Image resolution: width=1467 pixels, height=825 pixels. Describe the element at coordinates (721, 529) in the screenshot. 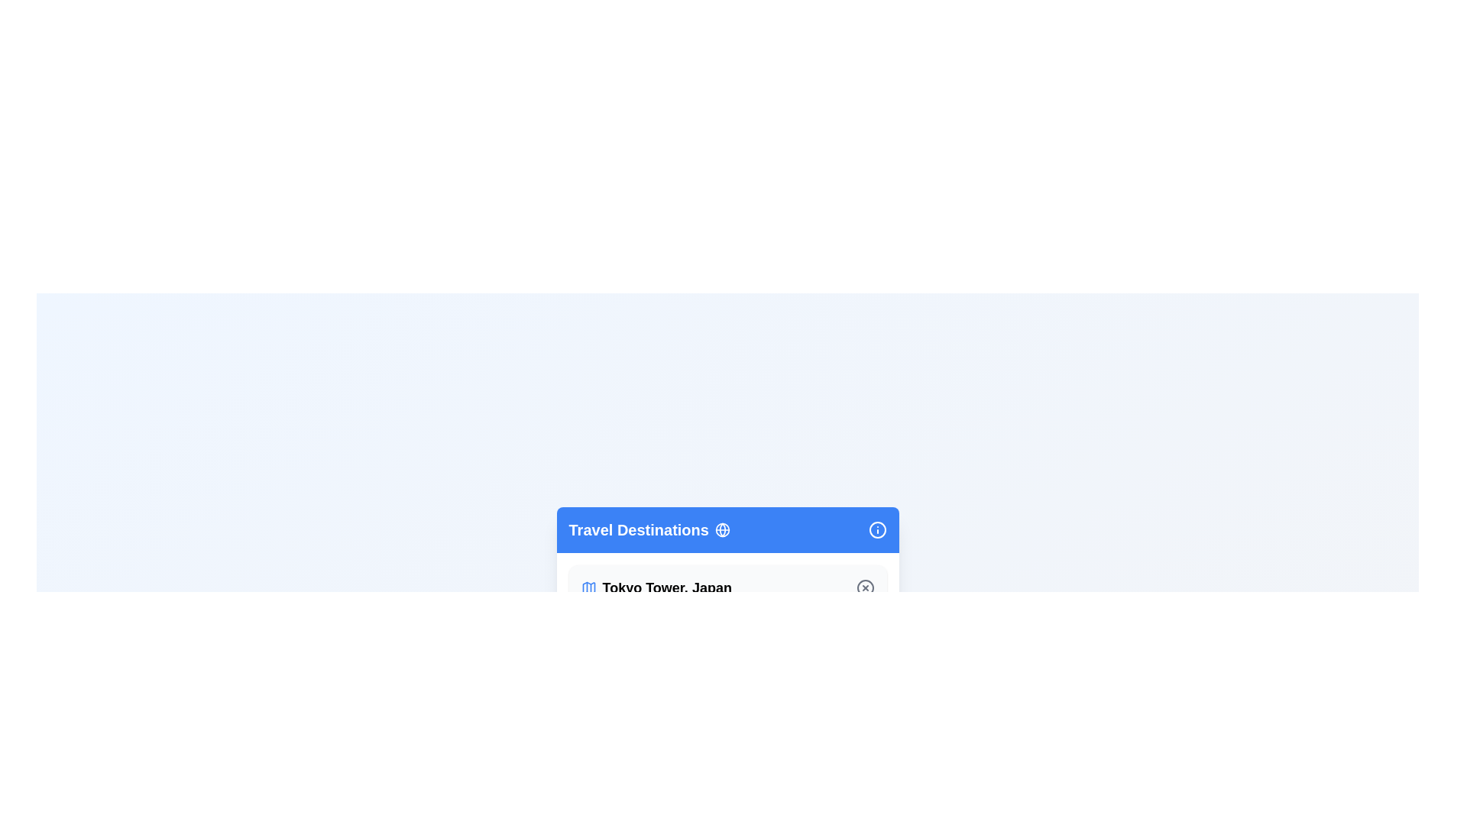

I see `the circular globe icon in the title bar of the 'Travel Destinations' section, located next to the title text and left of the information icon` at that location.